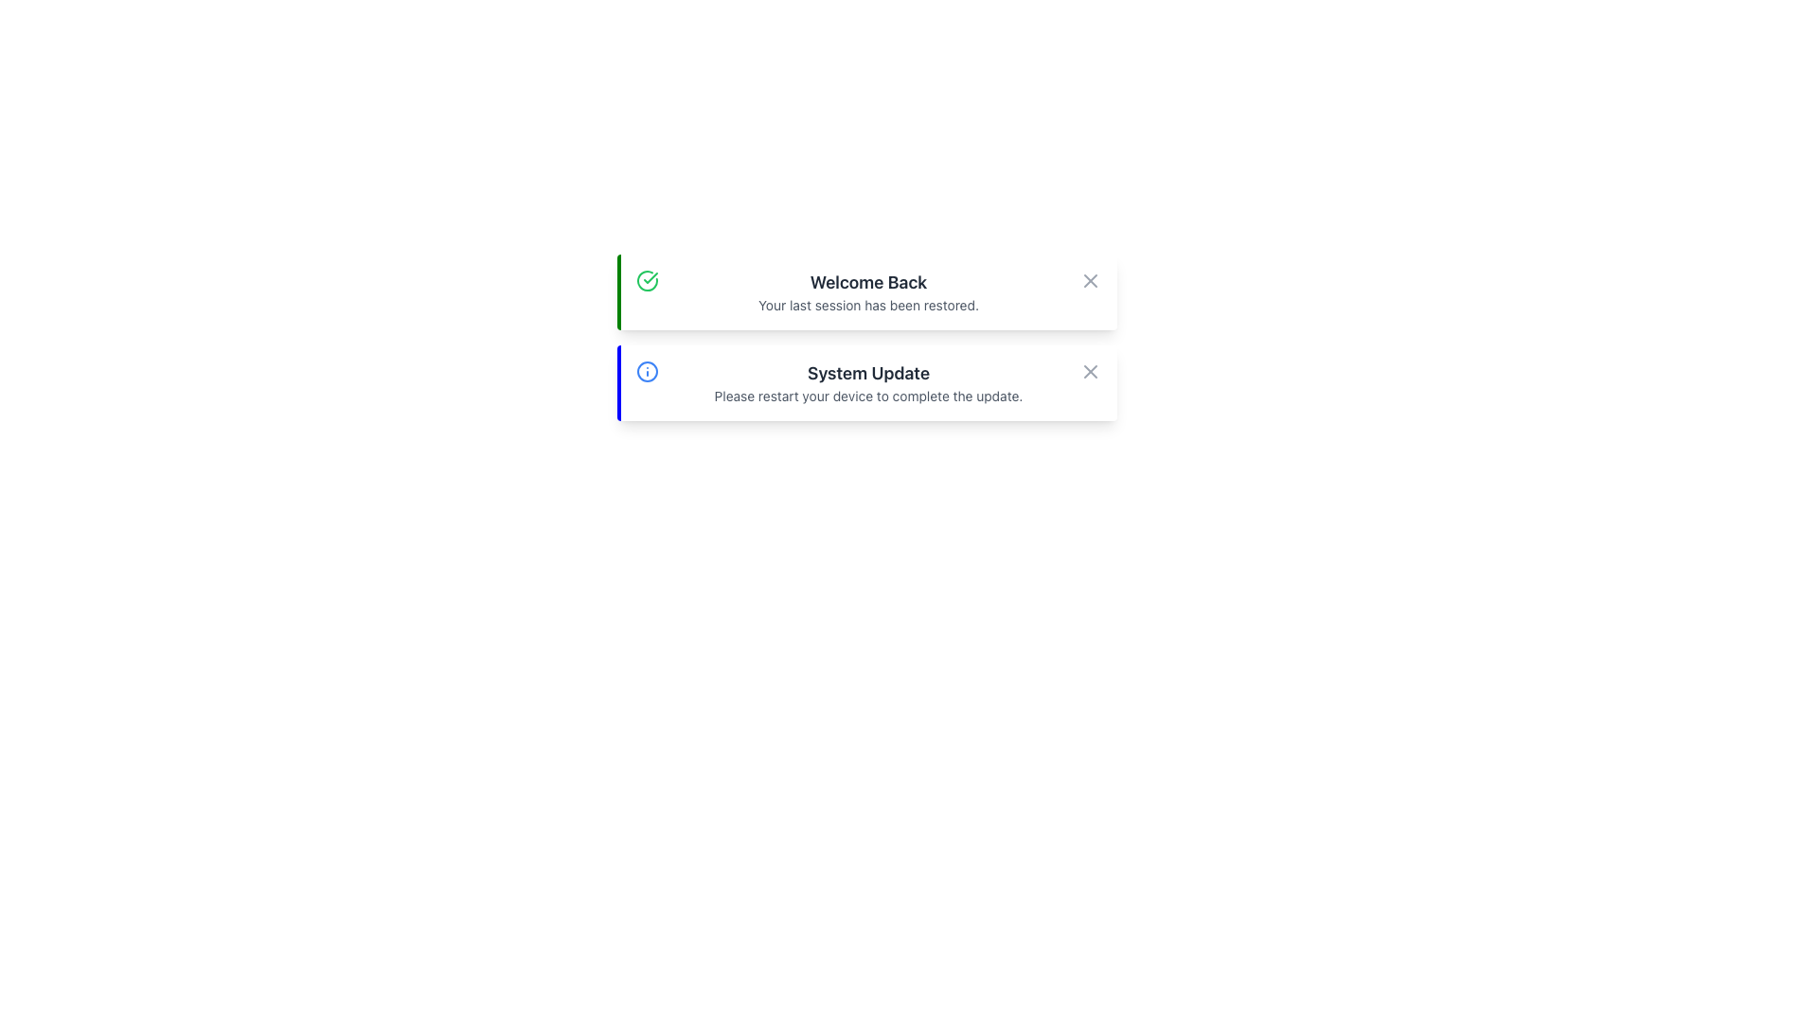 This screenshot has height=1022, width=1818. What do you see at coordinates (650, 277) in the screenshot?
I see `the green checkmark icon within the circular badge located to the left of the 'Welcome Back' notification box` at bounding box center [650, 277].